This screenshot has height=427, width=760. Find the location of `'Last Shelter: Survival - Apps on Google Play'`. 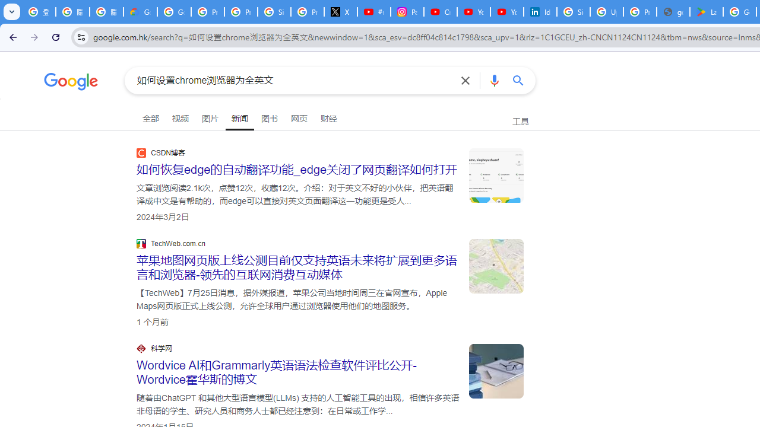

'Last Shelter: Survival - Apps on Google Play' is located at coordinates (707, 12).